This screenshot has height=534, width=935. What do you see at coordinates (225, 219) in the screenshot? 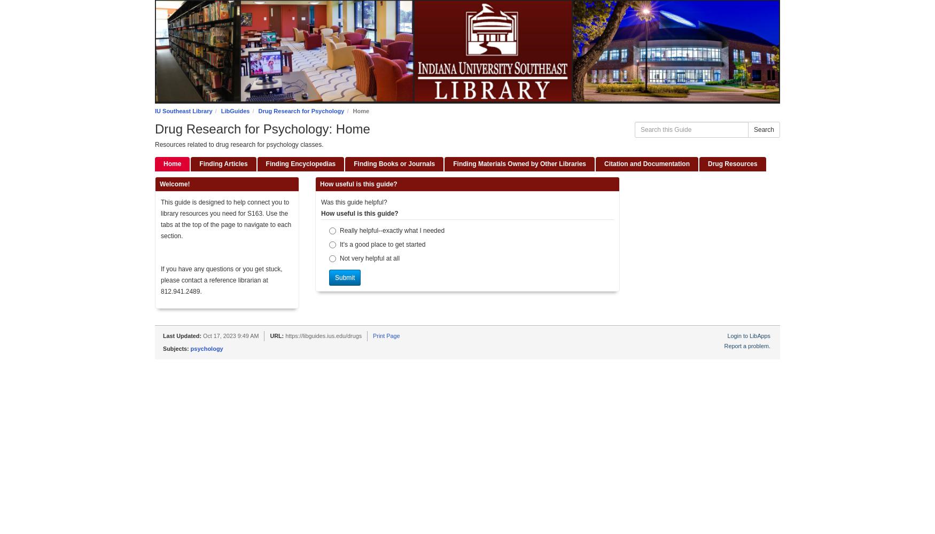
I see `'This guide is designed to help connect you to library resources you need for S163. Use the tabs at the top of the page to navigate to each section.'` at bounding box center [225, 219].